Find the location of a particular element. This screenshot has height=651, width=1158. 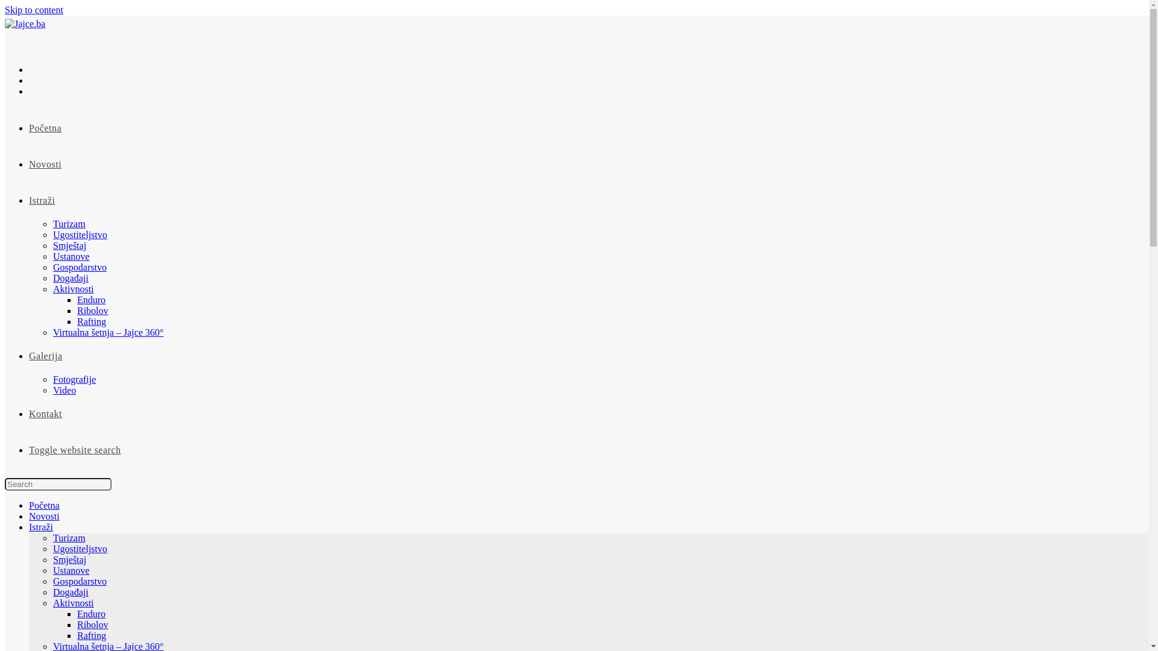

'Ribolov' is located at coordinates (92, 310).